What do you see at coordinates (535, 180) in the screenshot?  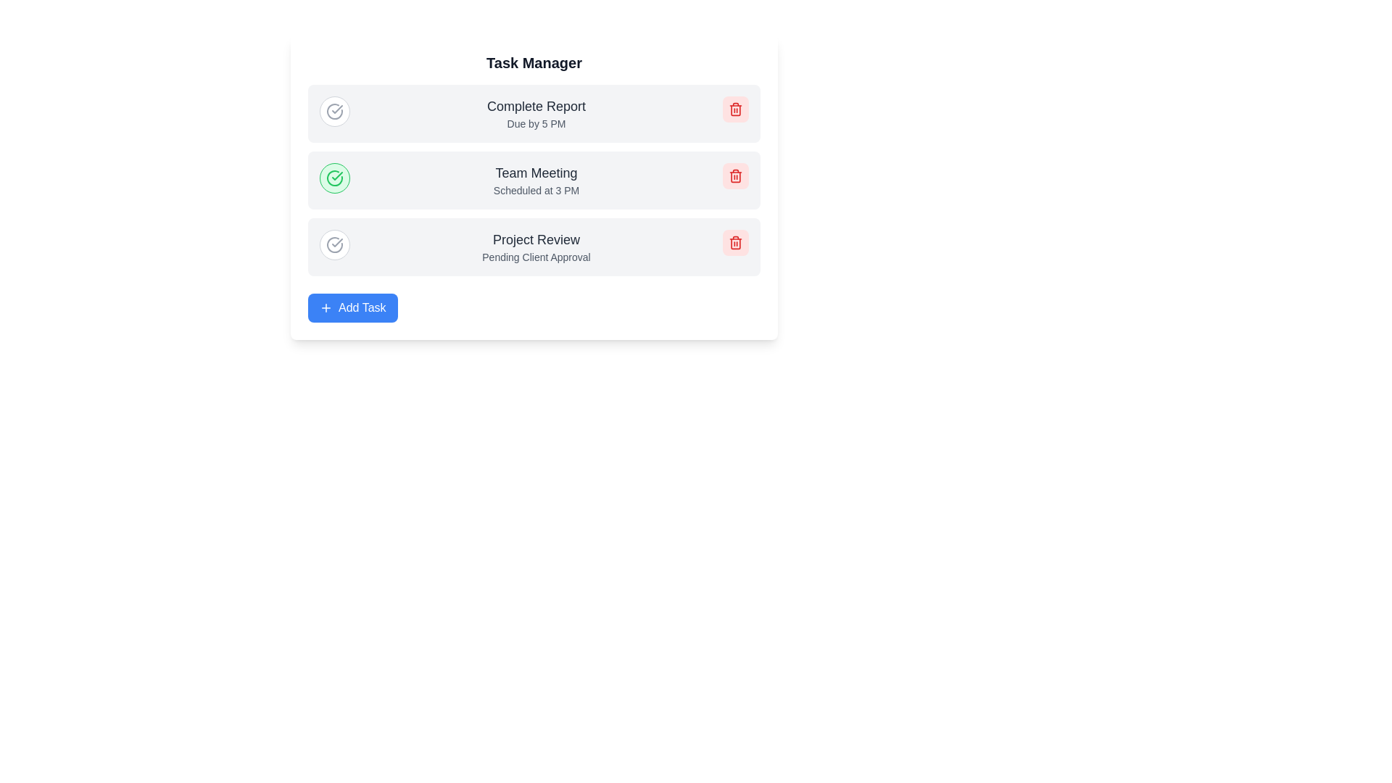 I see `the 'Team Meeting' text display element, which features a larger bold title and a smaller subtitle, located centrally between the green check icon and the red delete button` at bounding box center [535, 180].